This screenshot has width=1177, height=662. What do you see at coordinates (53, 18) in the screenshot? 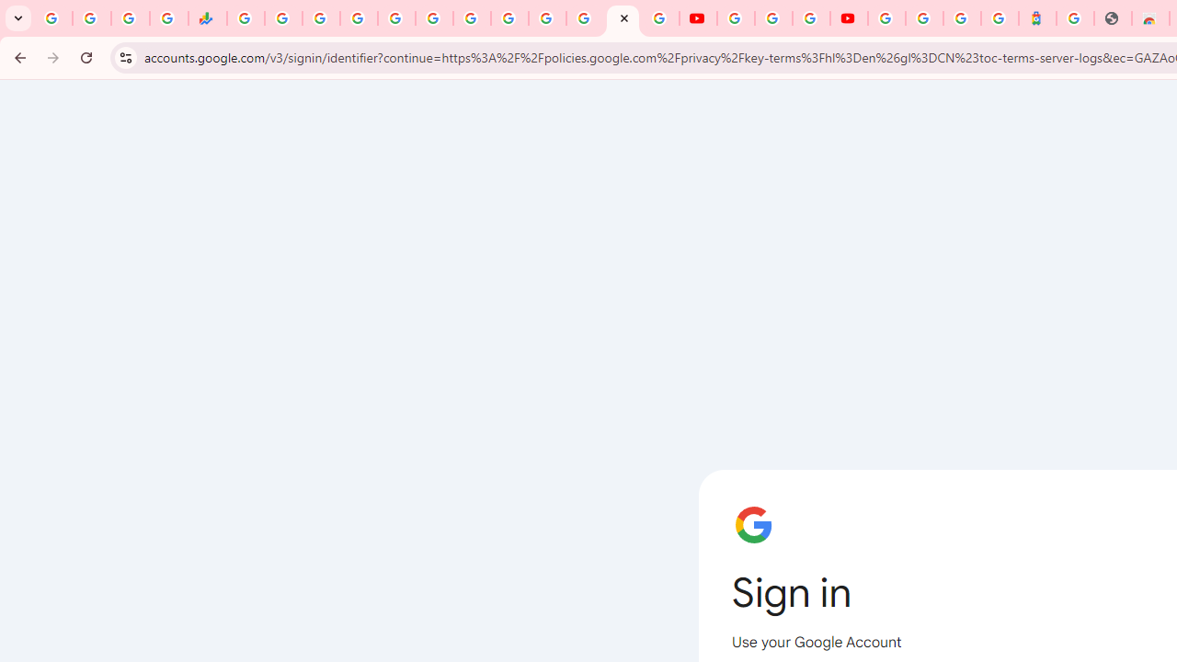
I see `'Google Workspace Admin Community'` at bounding box center [53, 18].